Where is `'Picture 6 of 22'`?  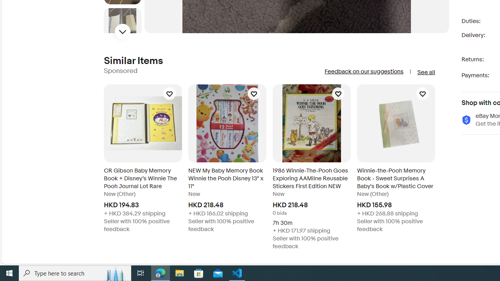 'Picture 6 of 22' is located at coordinates (122, 26).